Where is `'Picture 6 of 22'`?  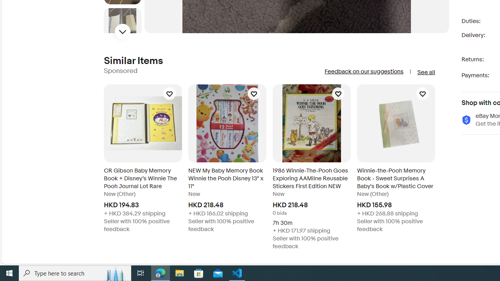 'Picture 6 of 22' is located at coordinates (122, 26).